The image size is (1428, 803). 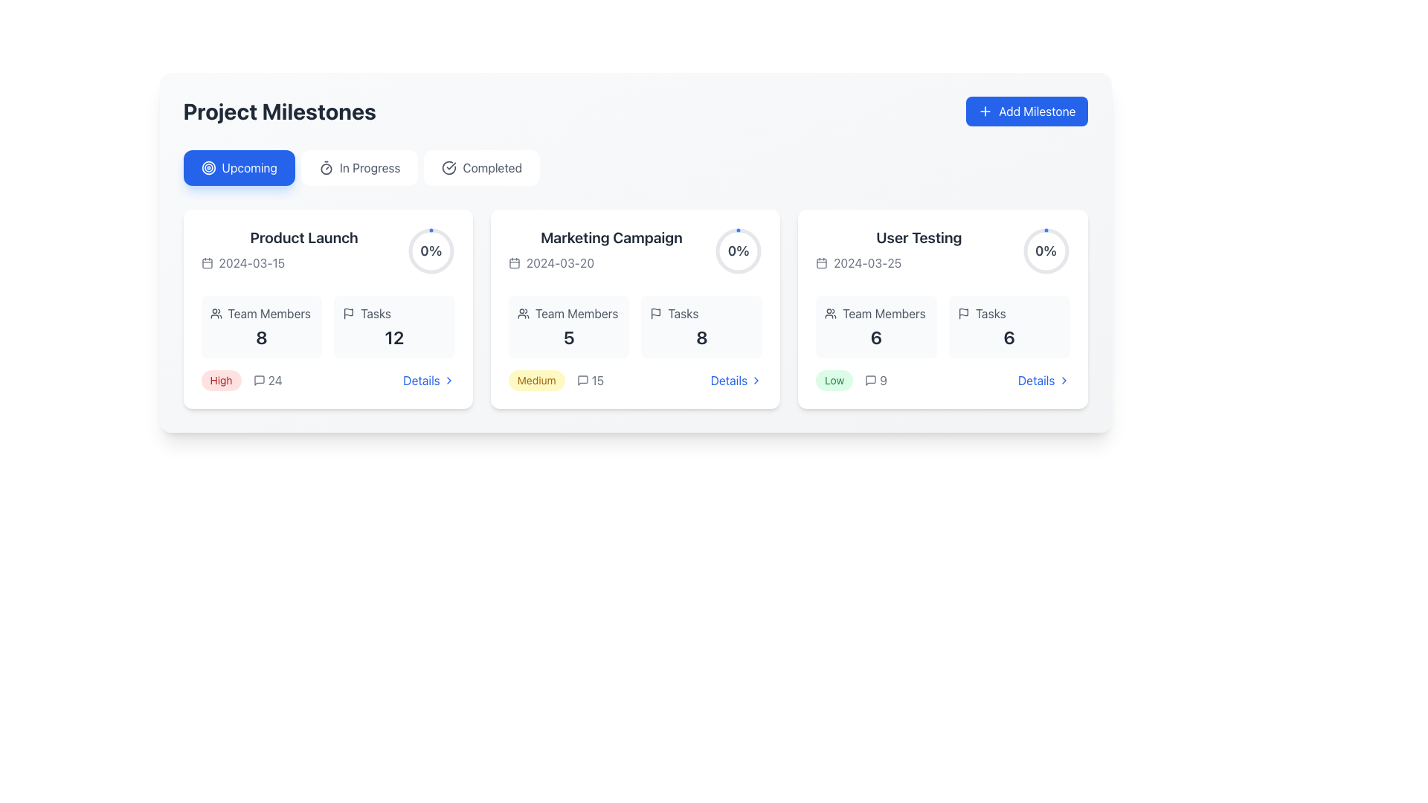 I want to click on the chevron arrow icon located next to the 'Details' label, so click(x=448, y=380).